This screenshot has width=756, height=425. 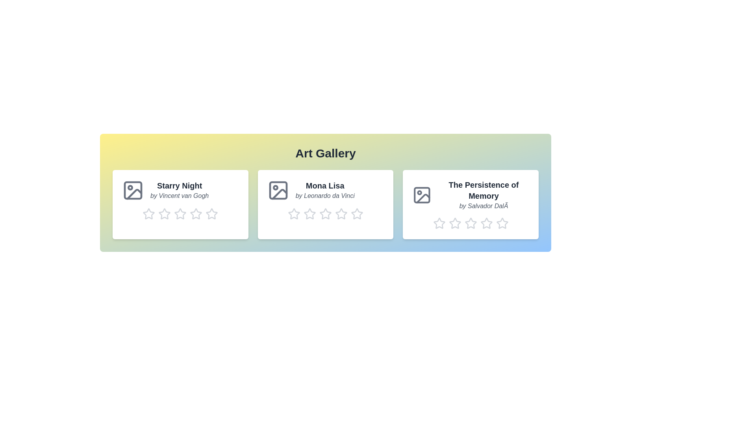 What do you see at coordinates (142, 214) in the screenshot?
I see `the rating of artwork 1 to 1 stars` at bounding box center [142, 214].